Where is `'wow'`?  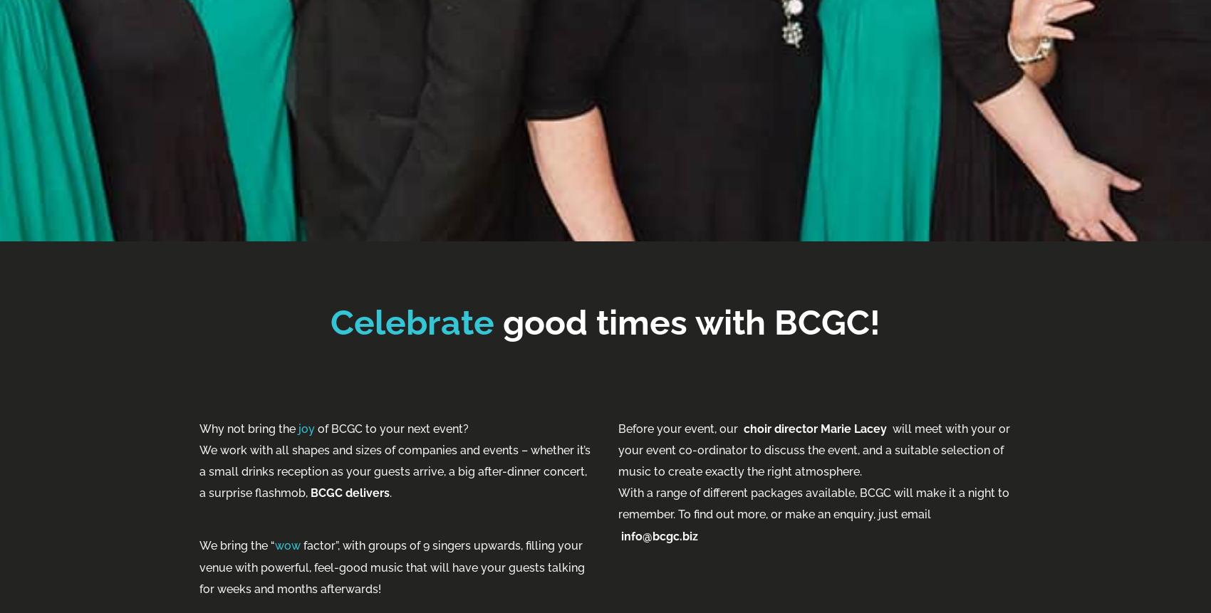
'wow' is located at coordinates (274, 545).